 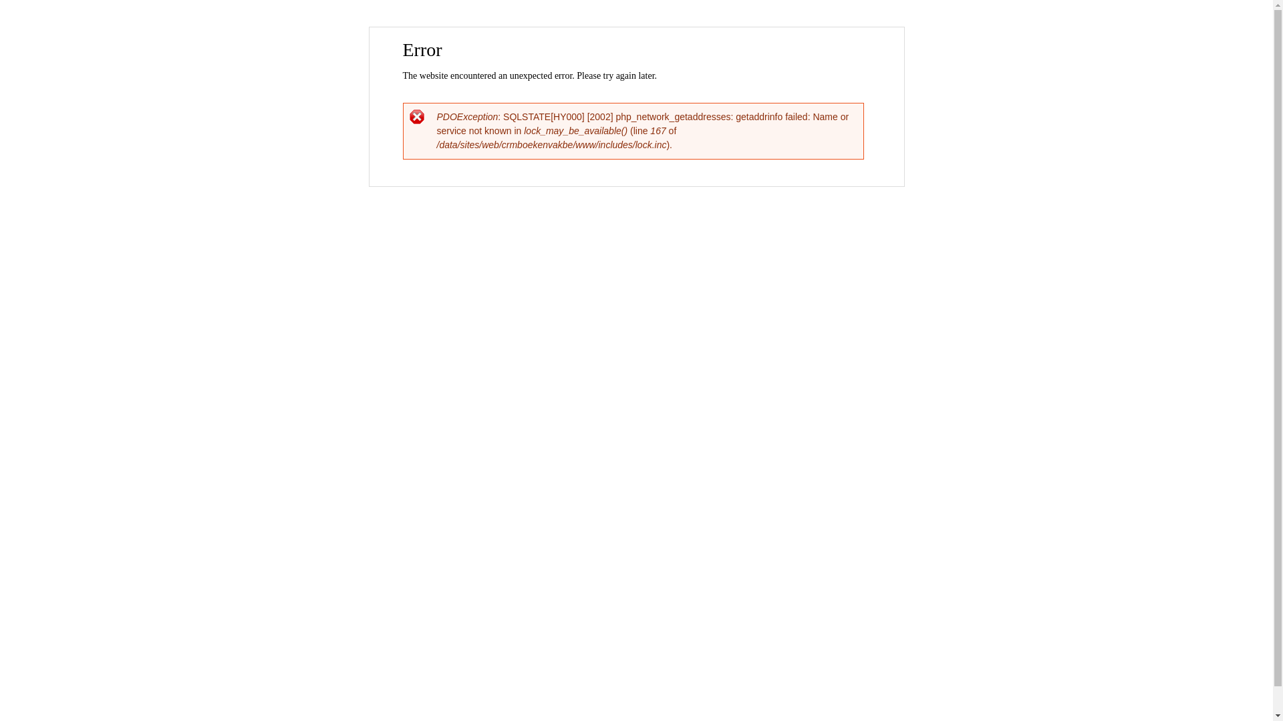 I want to click on 'Skip to main content', so click(x=607, y=28).